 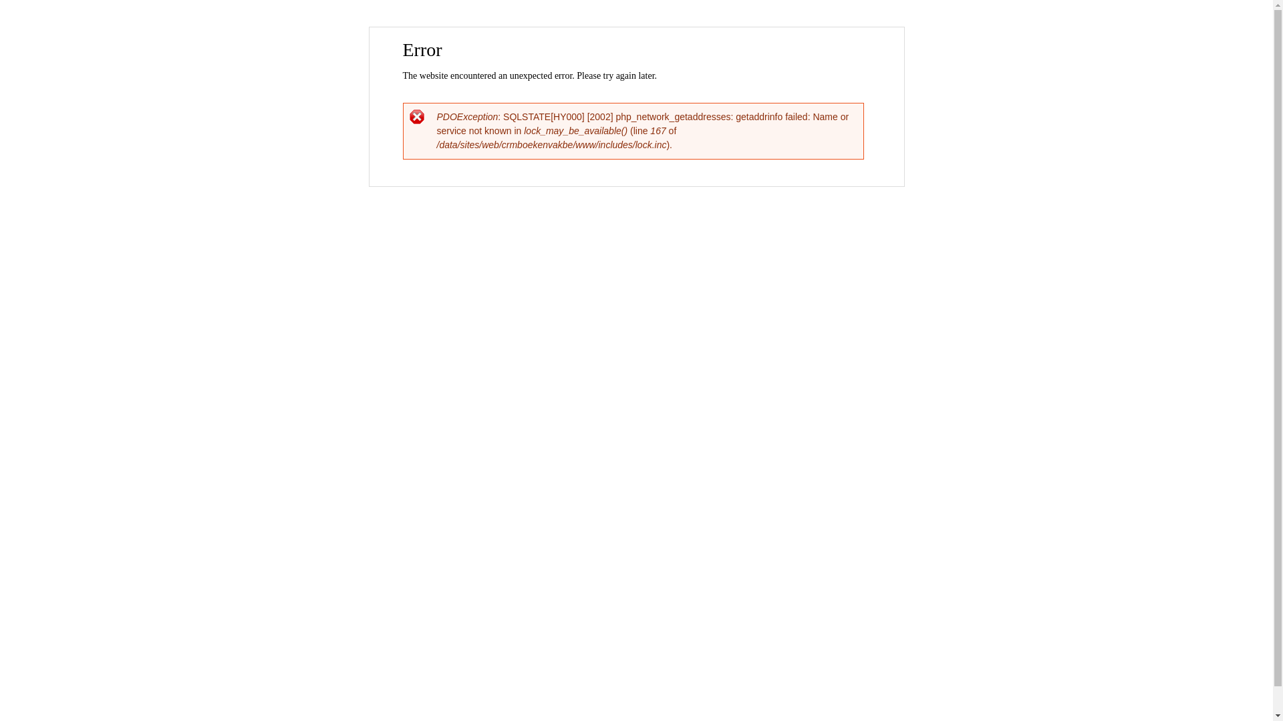 I want to click on 'Skip to main content', so click(x=607, y=28).